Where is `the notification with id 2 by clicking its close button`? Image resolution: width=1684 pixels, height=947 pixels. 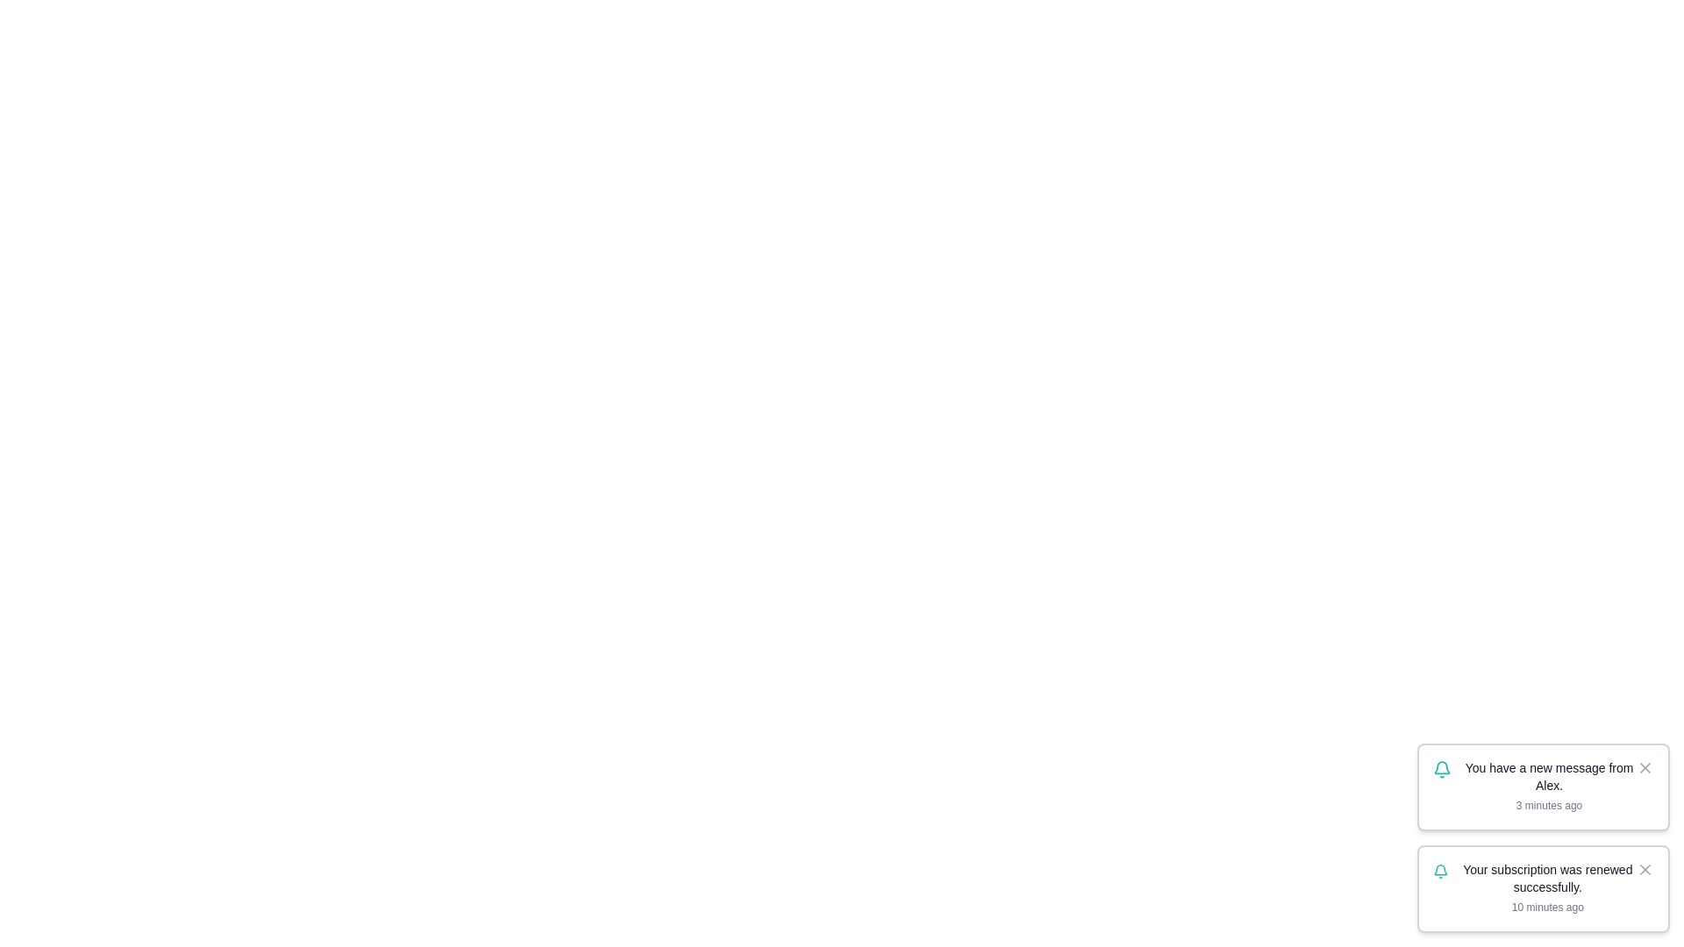 the notification with id 2 by clicking its close button is located at coordinates (1645, 869).